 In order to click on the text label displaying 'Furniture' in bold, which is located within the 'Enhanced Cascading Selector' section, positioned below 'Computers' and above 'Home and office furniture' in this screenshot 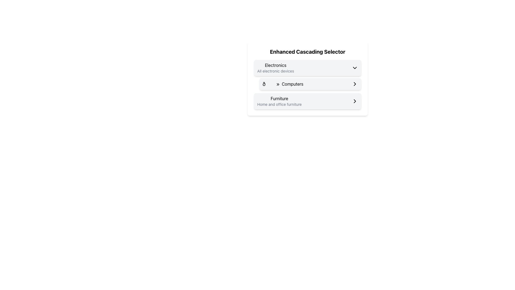, I will do `click(279, 98)`.